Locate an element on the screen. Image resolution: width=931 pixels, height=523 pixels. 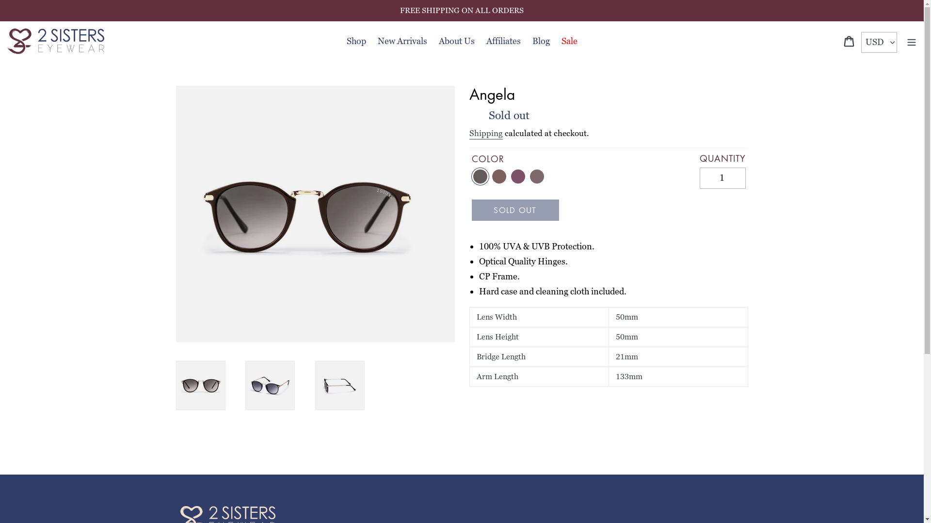
'Affiliates' is located at coordinates (503, 41).